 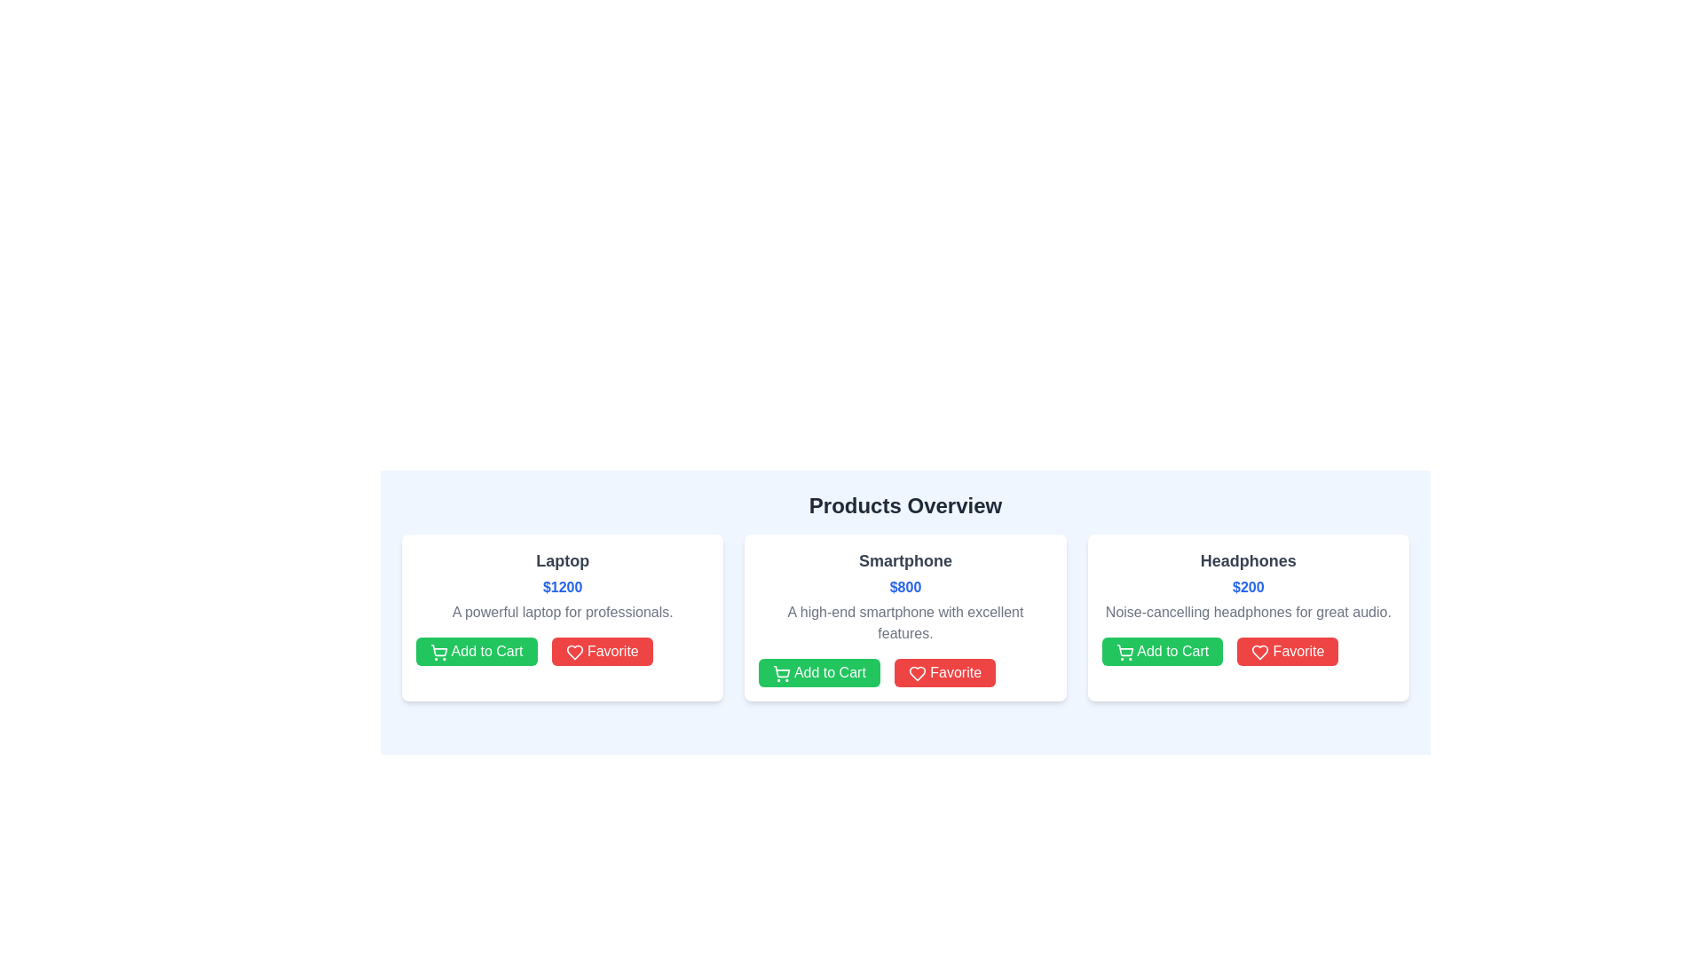 I want to click on the heart icon with a red background located in the second product card under the title 'Smartphone', so click(x=917, y=673).